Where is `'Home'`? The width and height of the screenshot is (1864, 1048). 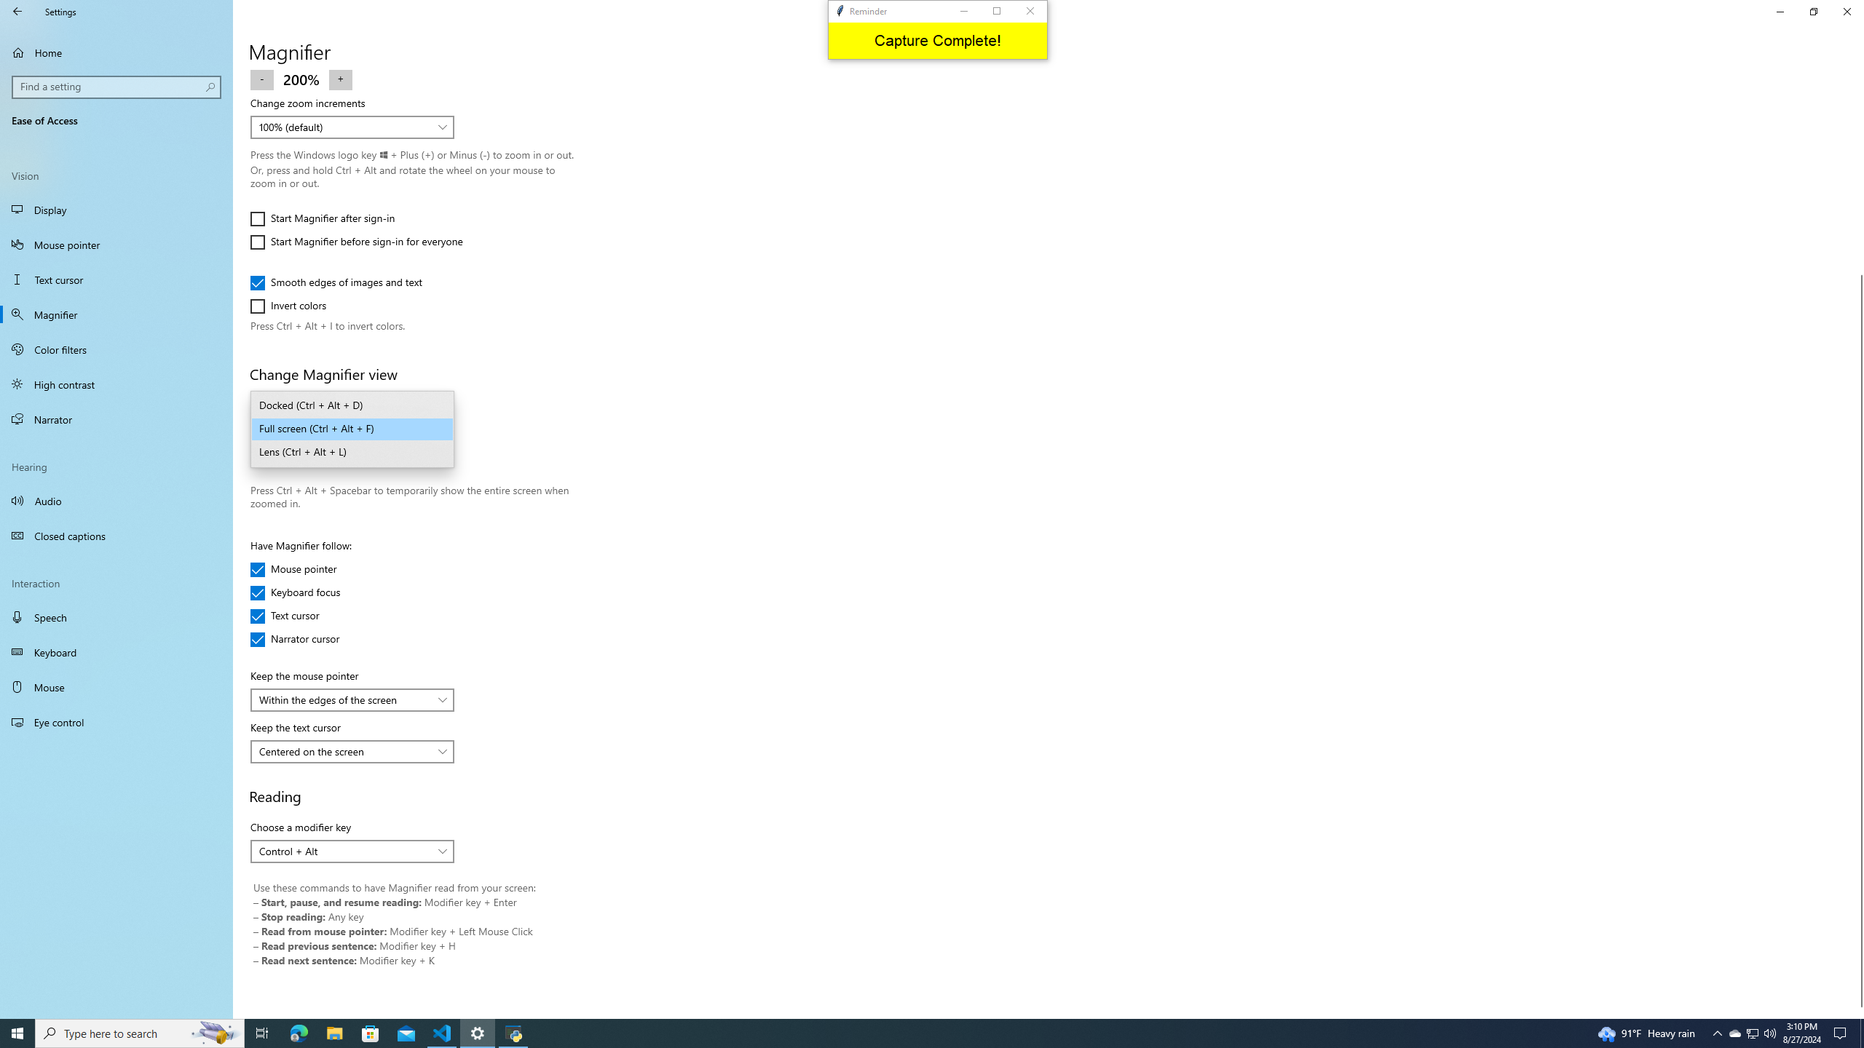
'Home' is located at coordinates (116, 52).